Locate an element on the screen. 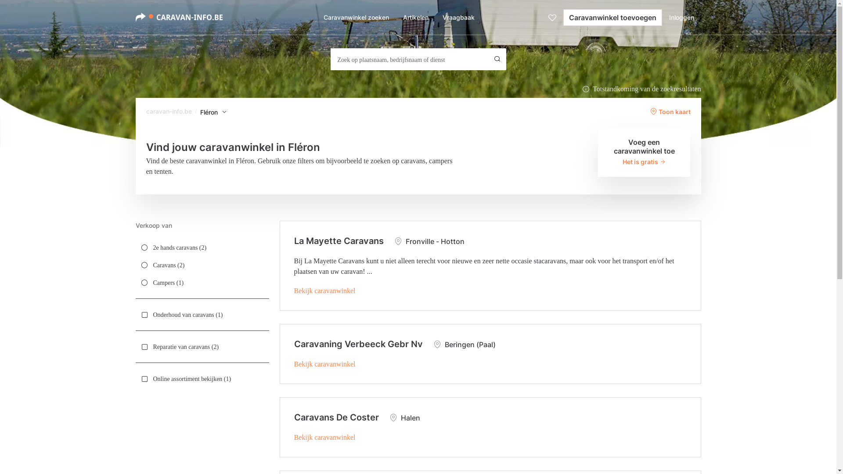 Image resolution: width=843 pixels, height=474 pixels. 'Caravaning Verbeeck Gebr Nv' is located at coordinates (358, 343).